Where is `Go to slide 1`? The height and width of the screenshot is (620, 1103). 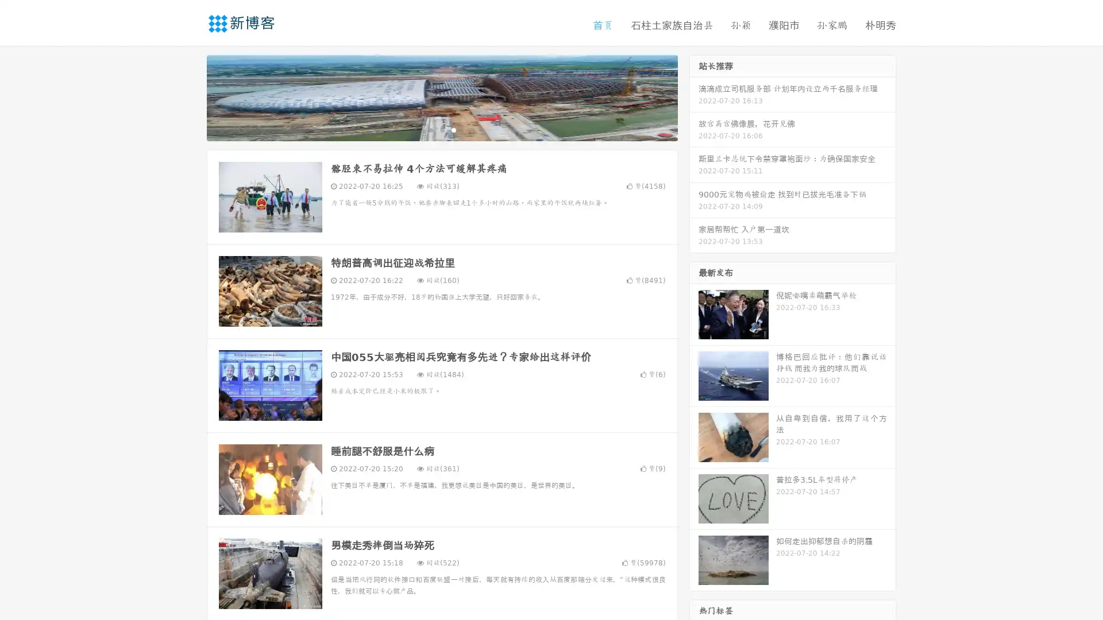
Go to slide 1 is located at coordinates (430, 129).